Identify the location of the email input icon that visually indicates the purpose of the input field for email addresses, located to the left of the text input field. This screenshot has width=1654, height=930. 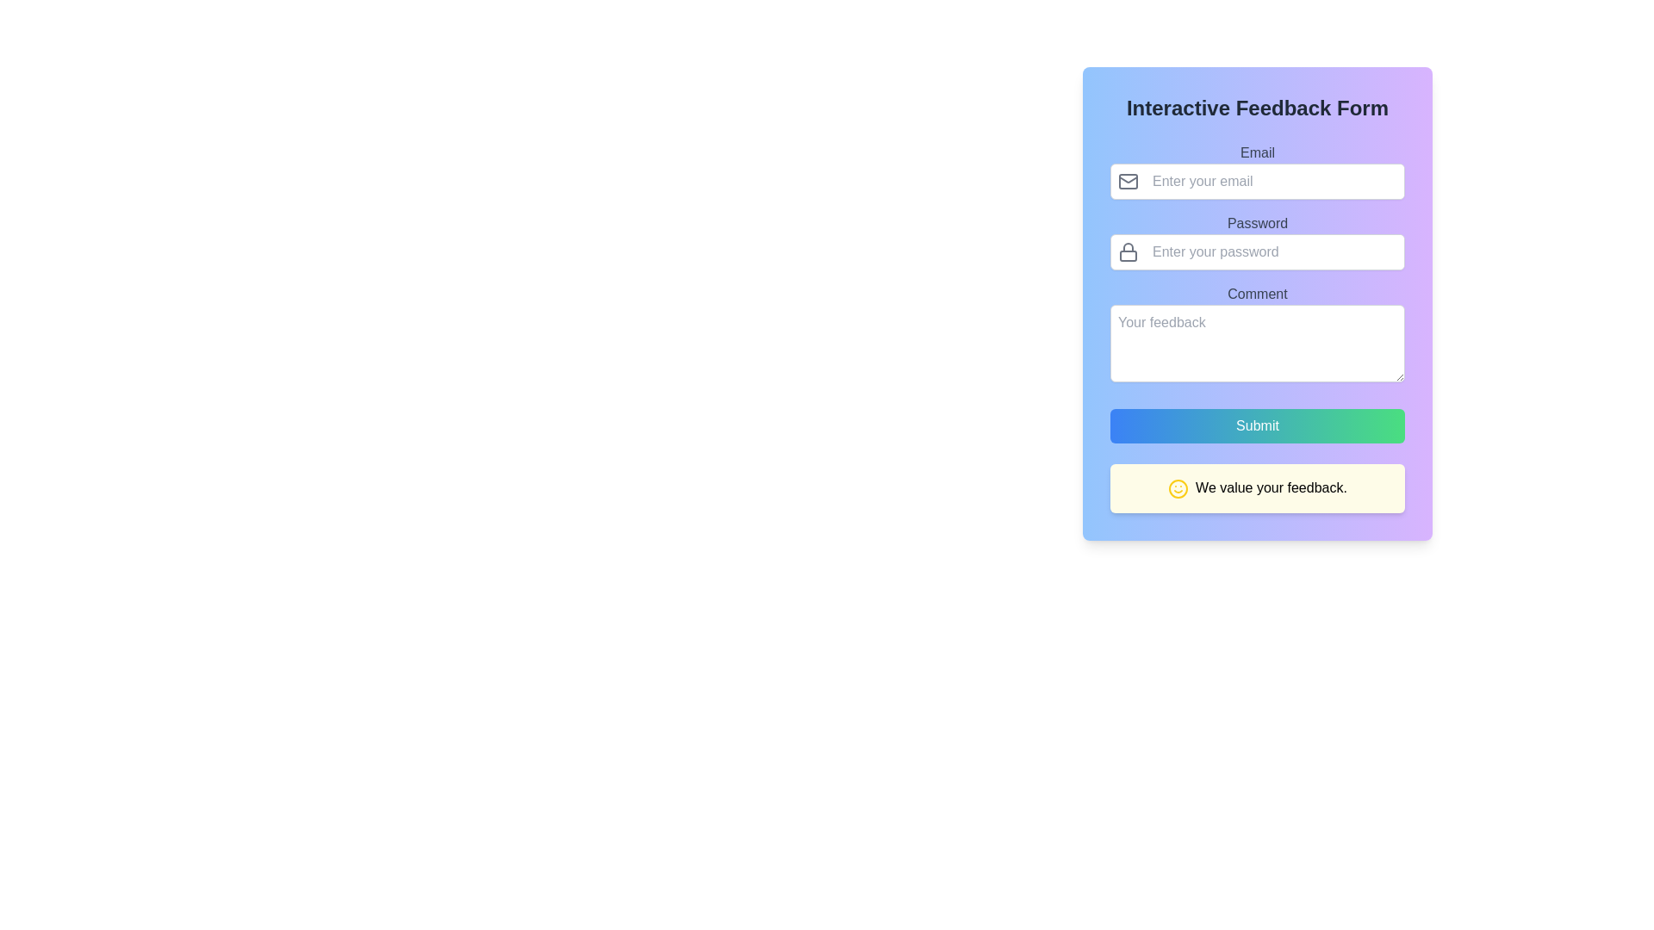
(1129, 182).